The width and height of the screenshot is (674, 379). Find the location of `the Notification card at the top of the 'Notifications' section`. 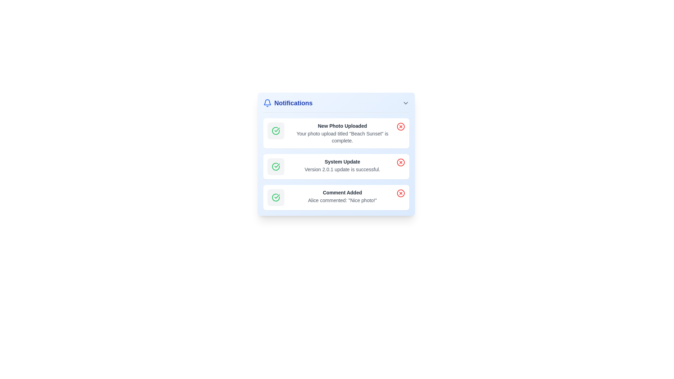

the Notification card at the top of the 'Notifications' section is located at coordinates (336, 133).